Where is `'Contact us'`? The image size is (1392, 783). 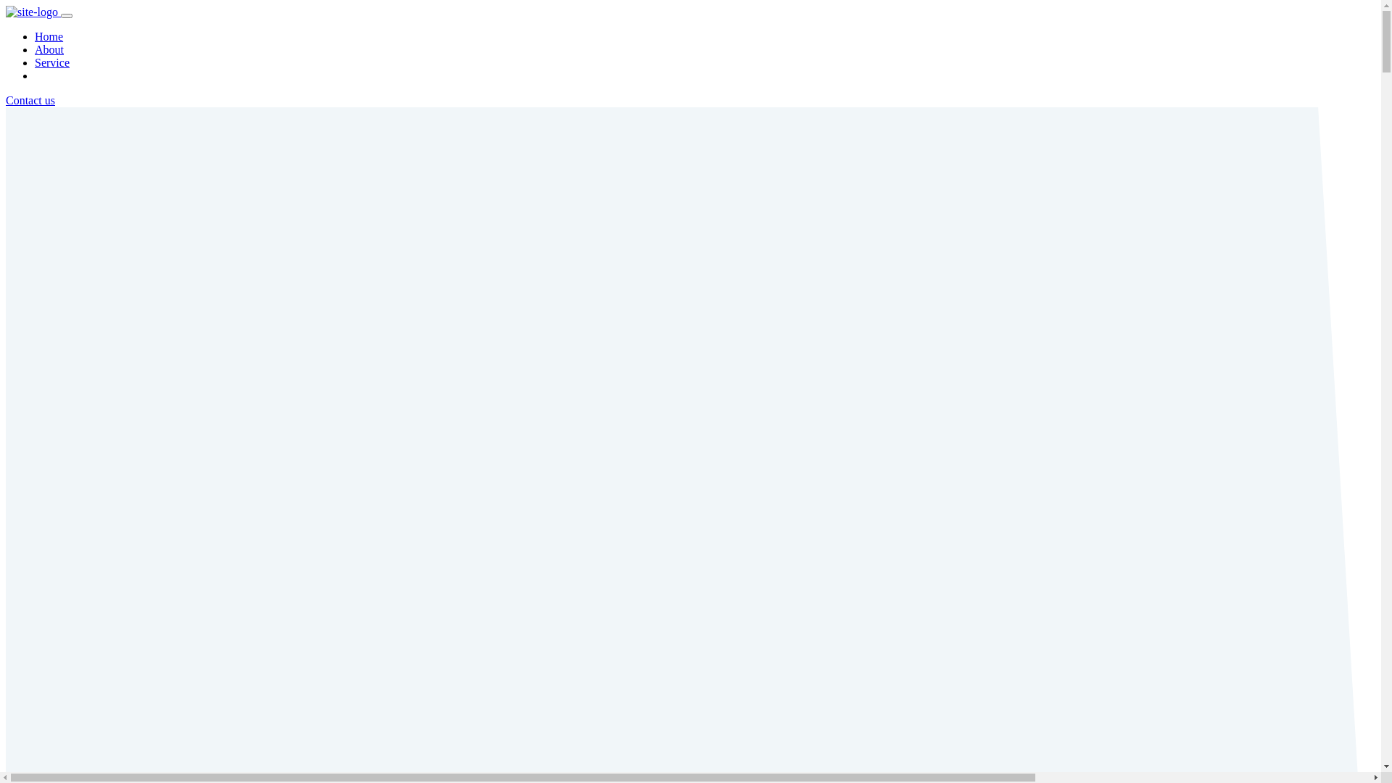
'Contact us' is located at coordinates (6, 99).